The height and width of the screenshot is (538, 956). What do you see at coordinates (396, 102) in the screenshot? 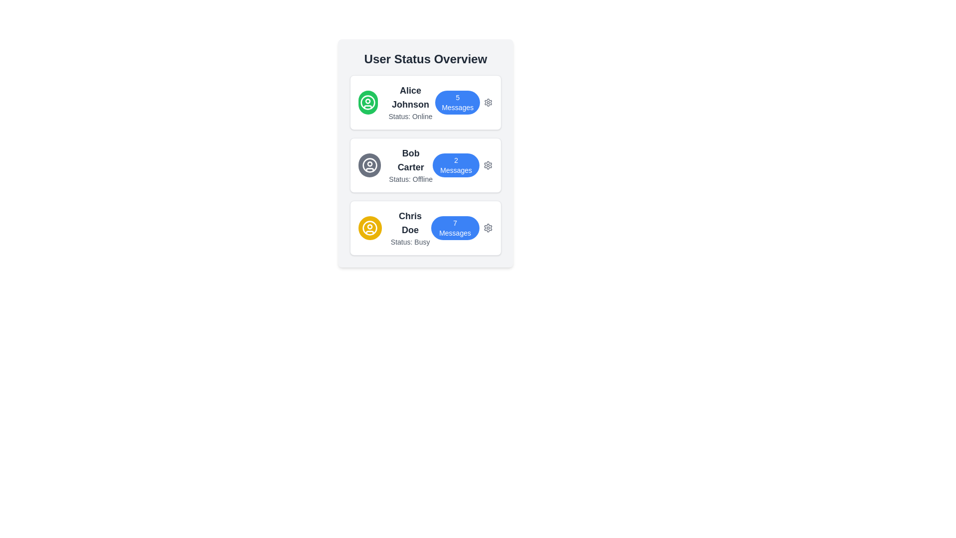
I see `the Text Label displaying 'Alice Johnson' online status, which is located in the first row of user cards, to the left of the blue message indicator labeled '5 Messages'` at bounding box center [396, 102].